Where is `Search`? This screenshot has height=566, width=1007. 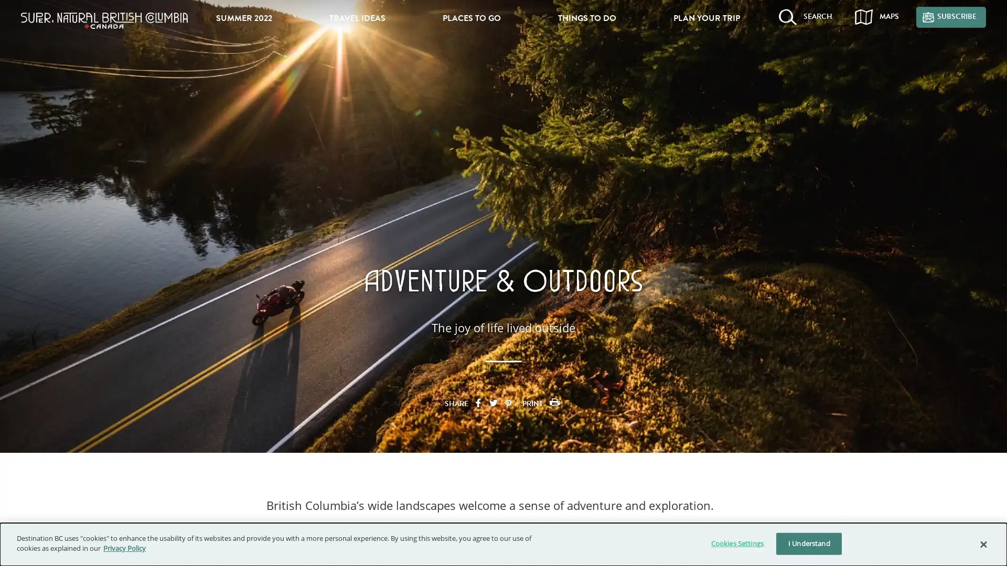
Search is located at coordinates (656, 58).